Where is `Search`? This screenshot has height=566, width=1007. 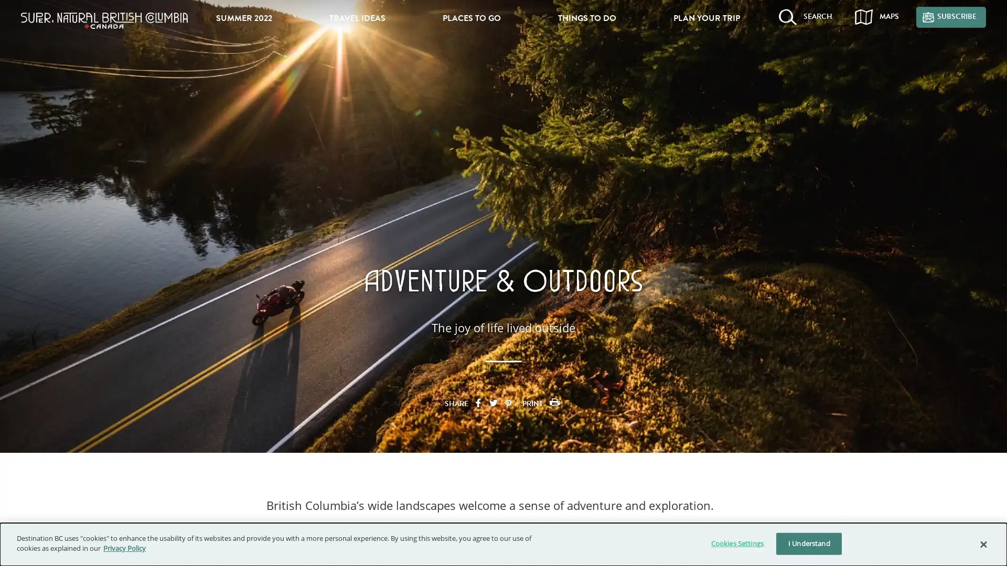
Search is located at coordinates (656, 58).